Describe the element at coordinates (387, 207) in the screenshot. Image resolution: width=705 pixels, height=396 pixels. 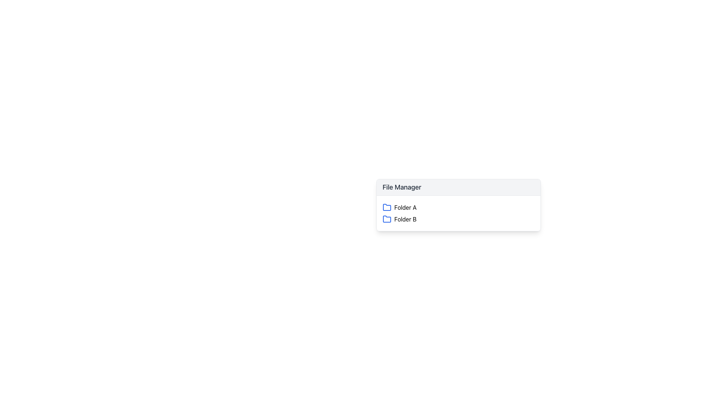
I see `the folder icon in the 'File Manager' list, which is represented in a blue-themed vector graphic style and positioned to the left of the label 'Folder A'` at that location.